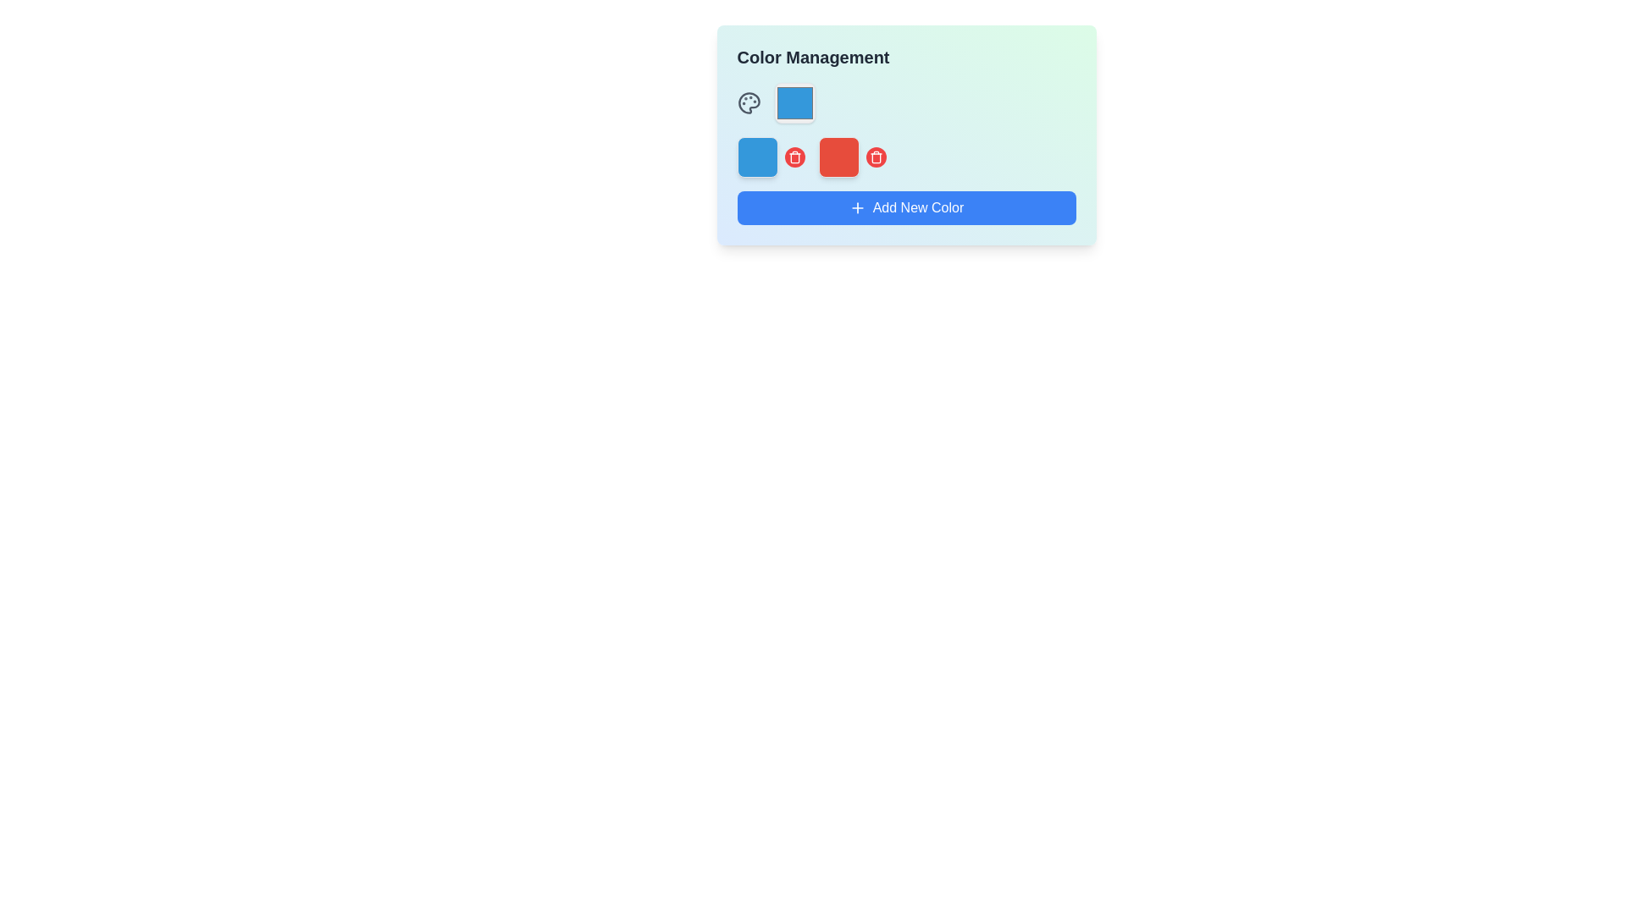 The image size is (1626, 914). Describe the element at coordinates (770, 157) in the screenshot. I see `the blue square color block with rounded corners located under the 'Color Management' heading` at that location.